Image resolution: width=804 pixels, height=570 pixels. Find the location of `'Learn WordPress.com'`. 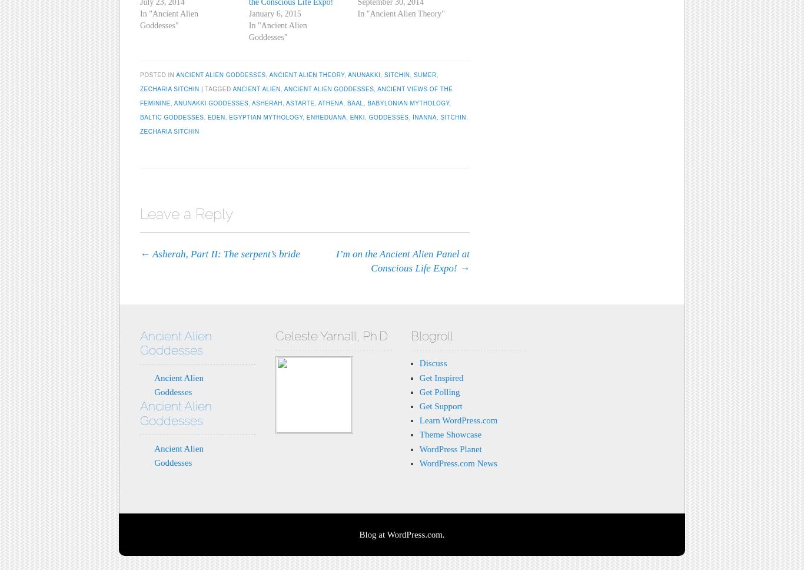

'Learn WordPress.com' is located at coordinates (458, 419).